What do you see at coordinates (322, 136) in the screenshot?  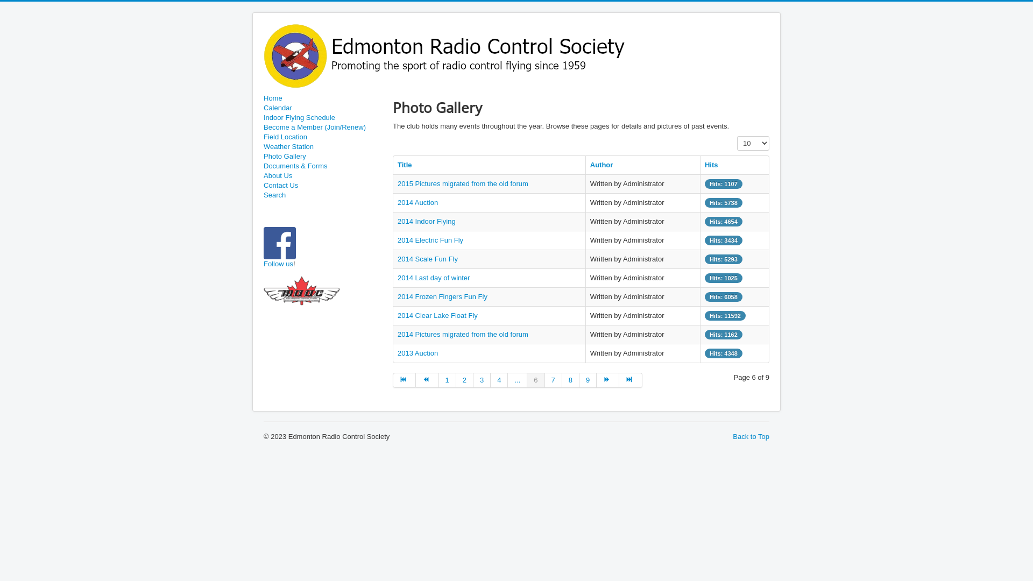 I see `'Field Location'` at bounding box center [322, 136].